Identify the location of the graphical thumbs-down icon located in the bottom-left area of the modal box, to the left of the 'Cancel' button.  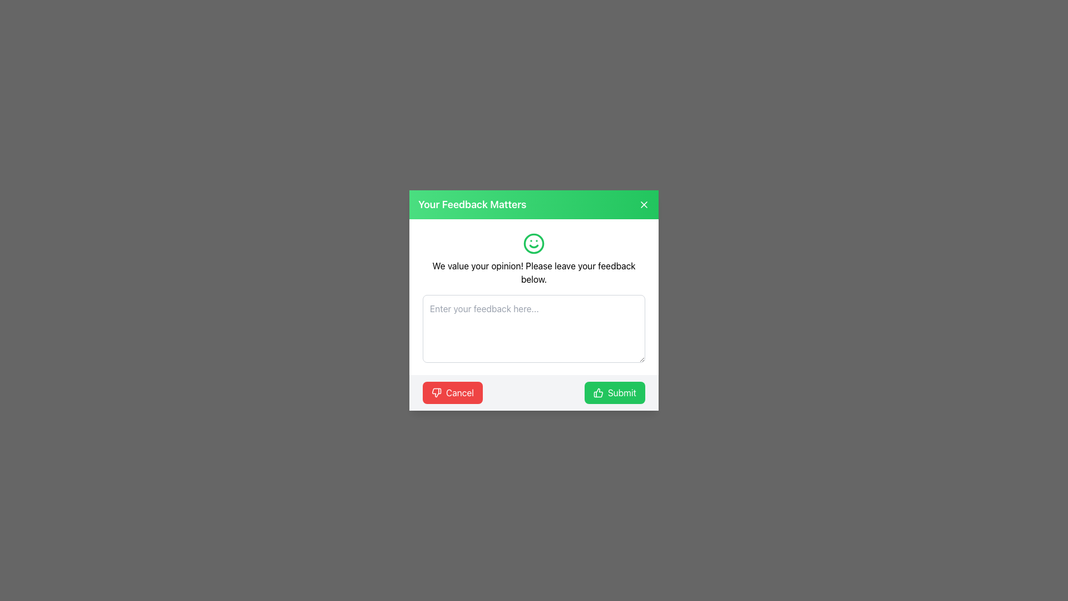
(436, 392).